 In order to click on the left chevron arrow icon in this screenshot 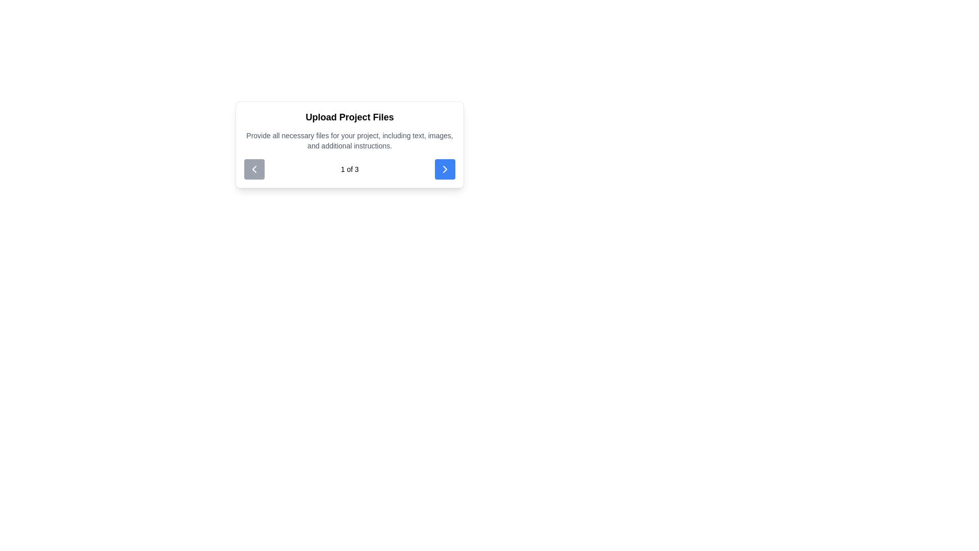, I will do `click(254, 168)`.